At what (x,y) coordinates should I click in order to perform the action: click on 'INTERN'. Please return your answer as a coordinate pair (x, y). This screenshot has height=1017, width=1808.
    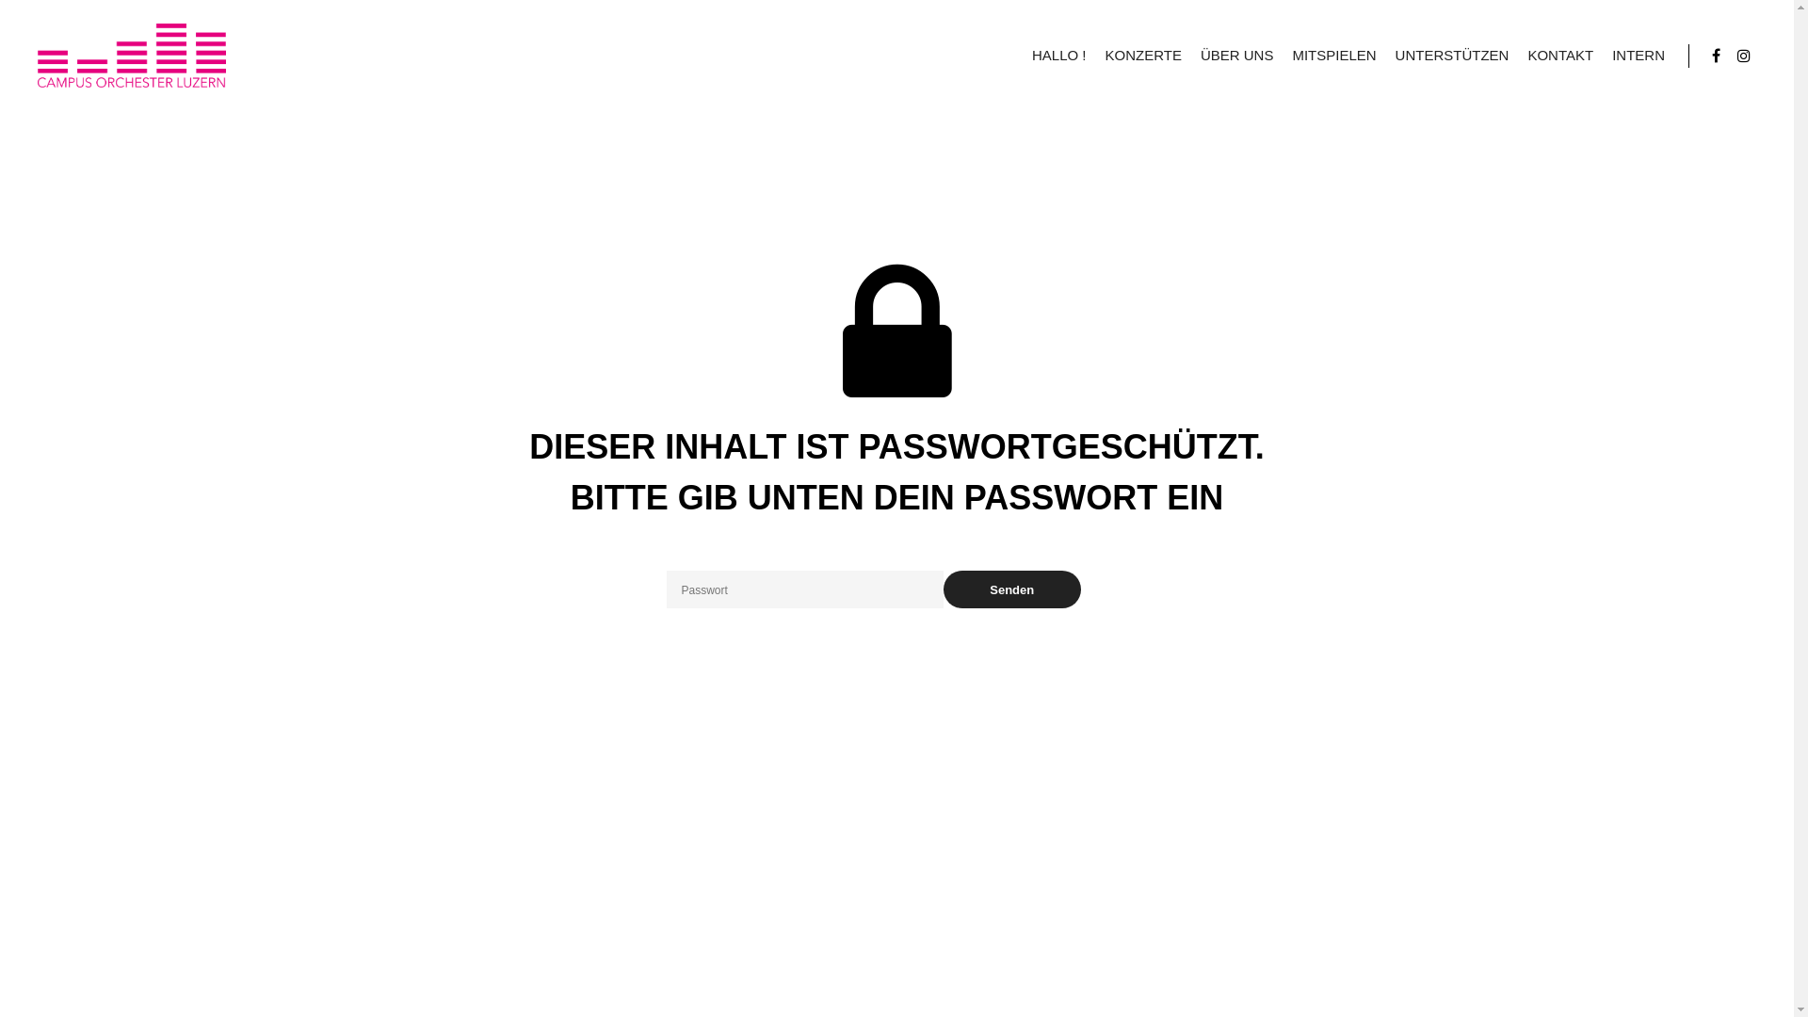
    Looking at the image, I should click on (1637, 54).